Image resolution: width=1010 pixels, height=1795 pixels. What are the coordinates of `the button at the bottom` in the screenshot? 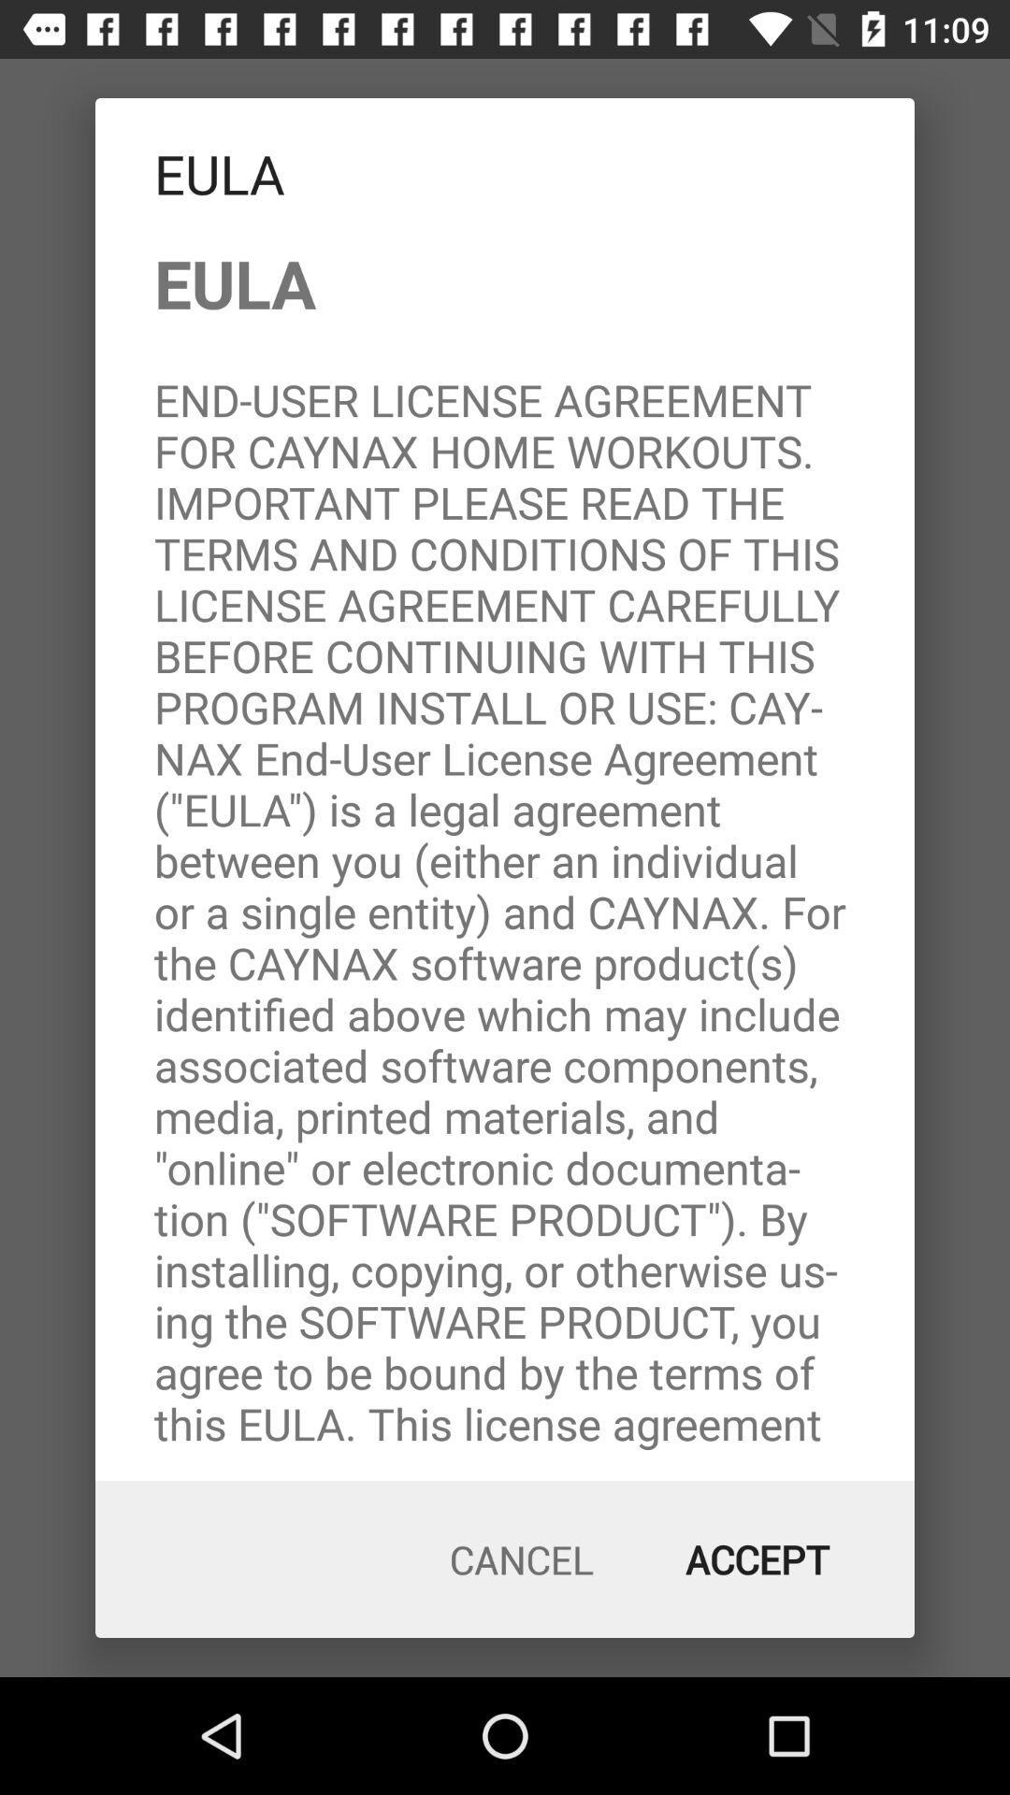 It's located at (522, 1559).